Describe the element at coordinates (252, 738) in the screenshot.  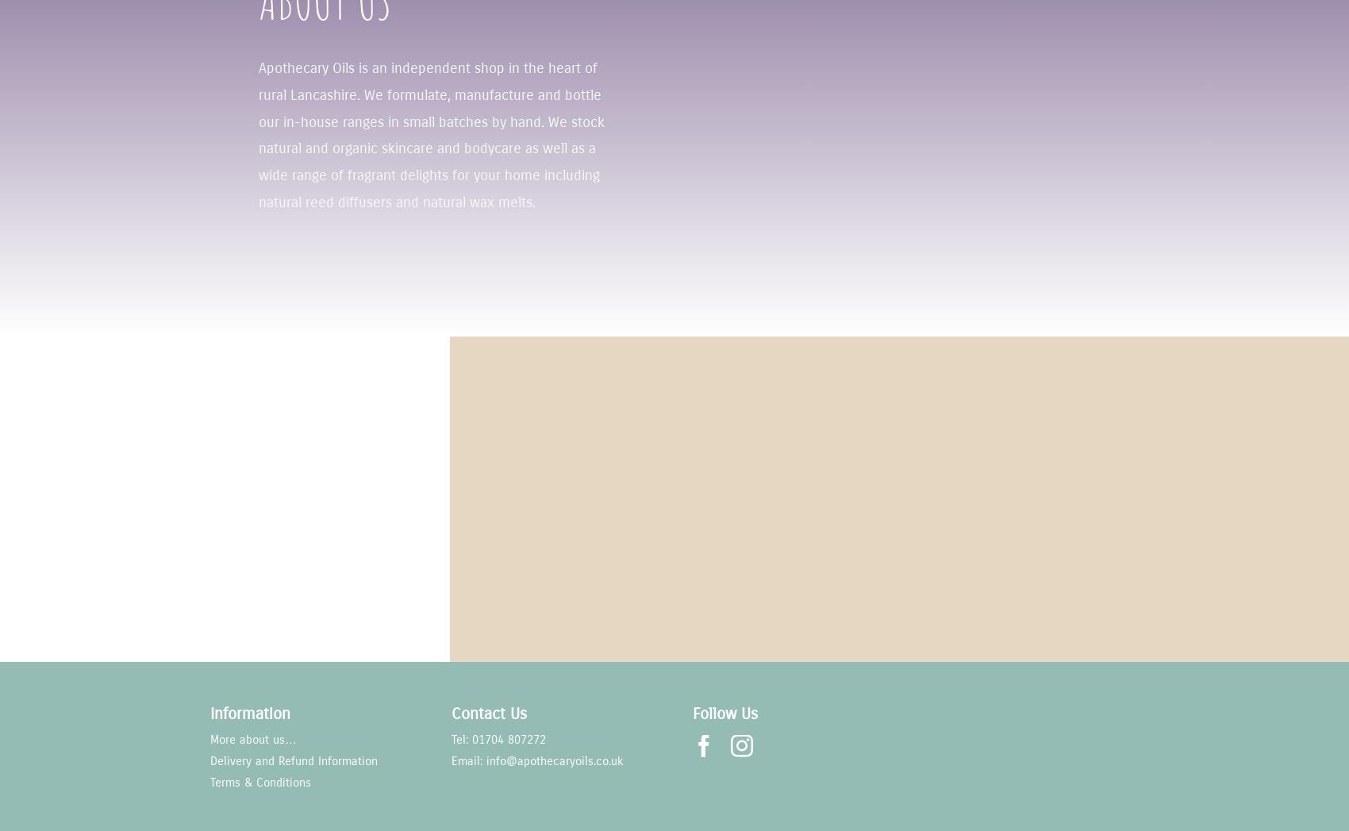
I see `'More about us…'` at that location.